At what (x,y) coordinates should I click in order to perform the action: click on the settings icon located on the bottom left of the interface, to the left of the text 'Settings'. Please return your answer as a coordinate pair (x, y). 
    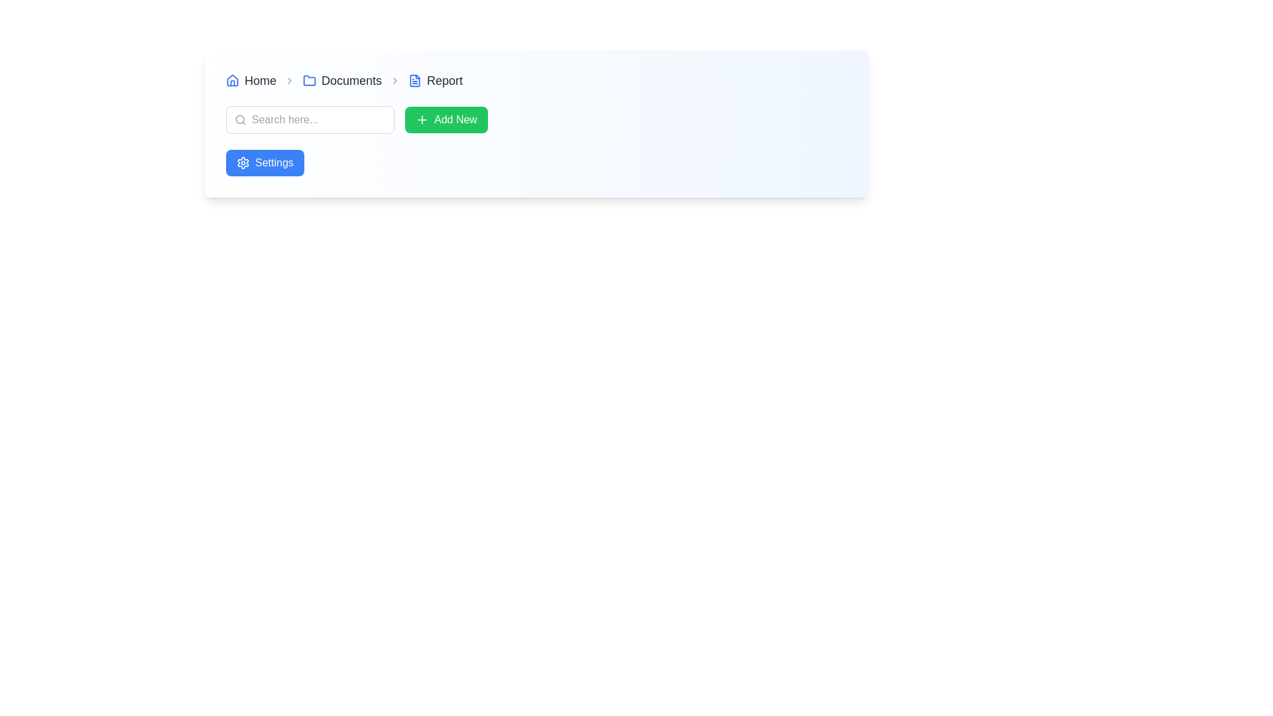
    Looking at the image, I should click on (243, 162).